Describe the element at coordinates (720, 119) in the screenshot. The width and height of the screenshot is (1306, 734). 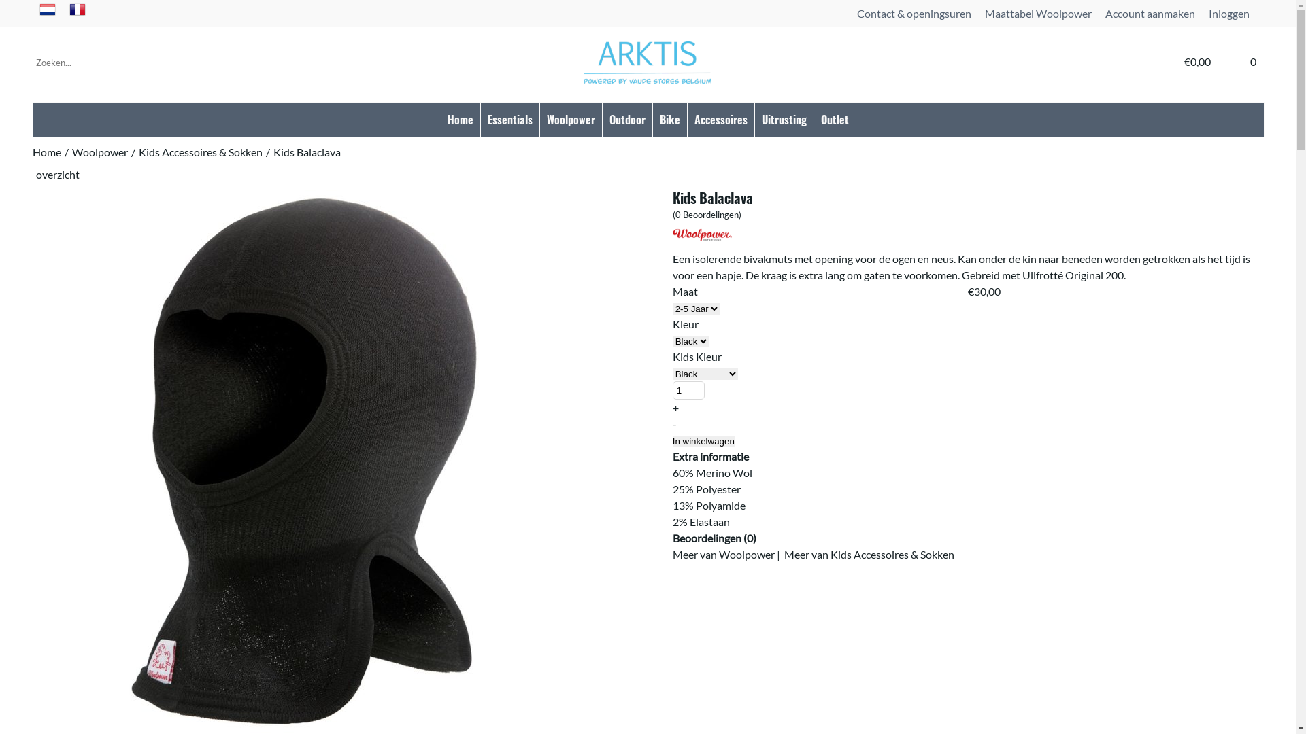
I see `'Accessoires'` at that location.